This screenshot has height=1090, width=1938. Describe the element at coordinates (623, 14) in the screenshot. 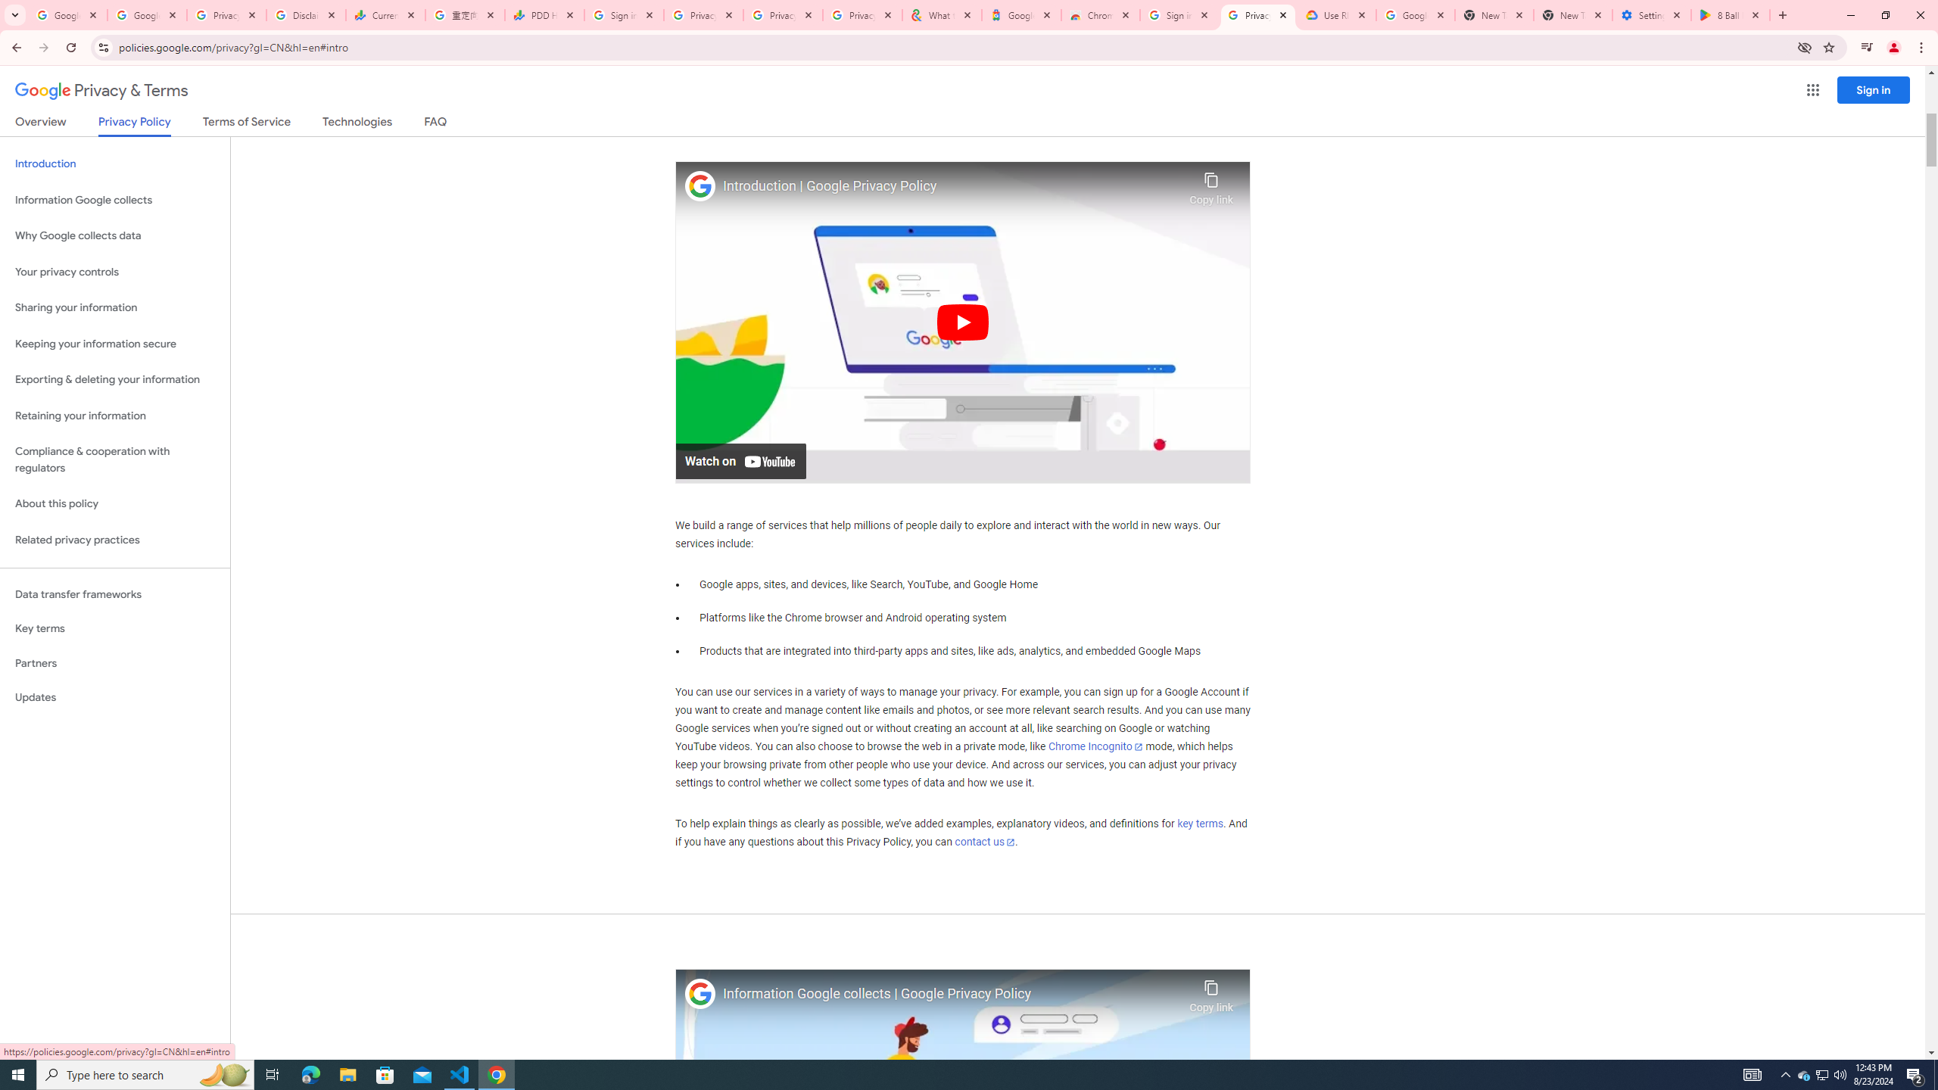

I see `'Sign in - Google Accounts'` at that location.